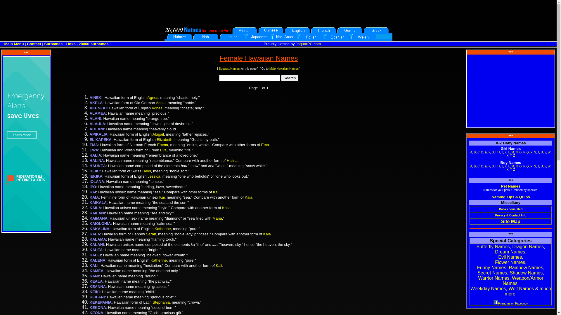 The width and height of the screenshot is (561, 315). I want to click on 'X', so click(507, 155).